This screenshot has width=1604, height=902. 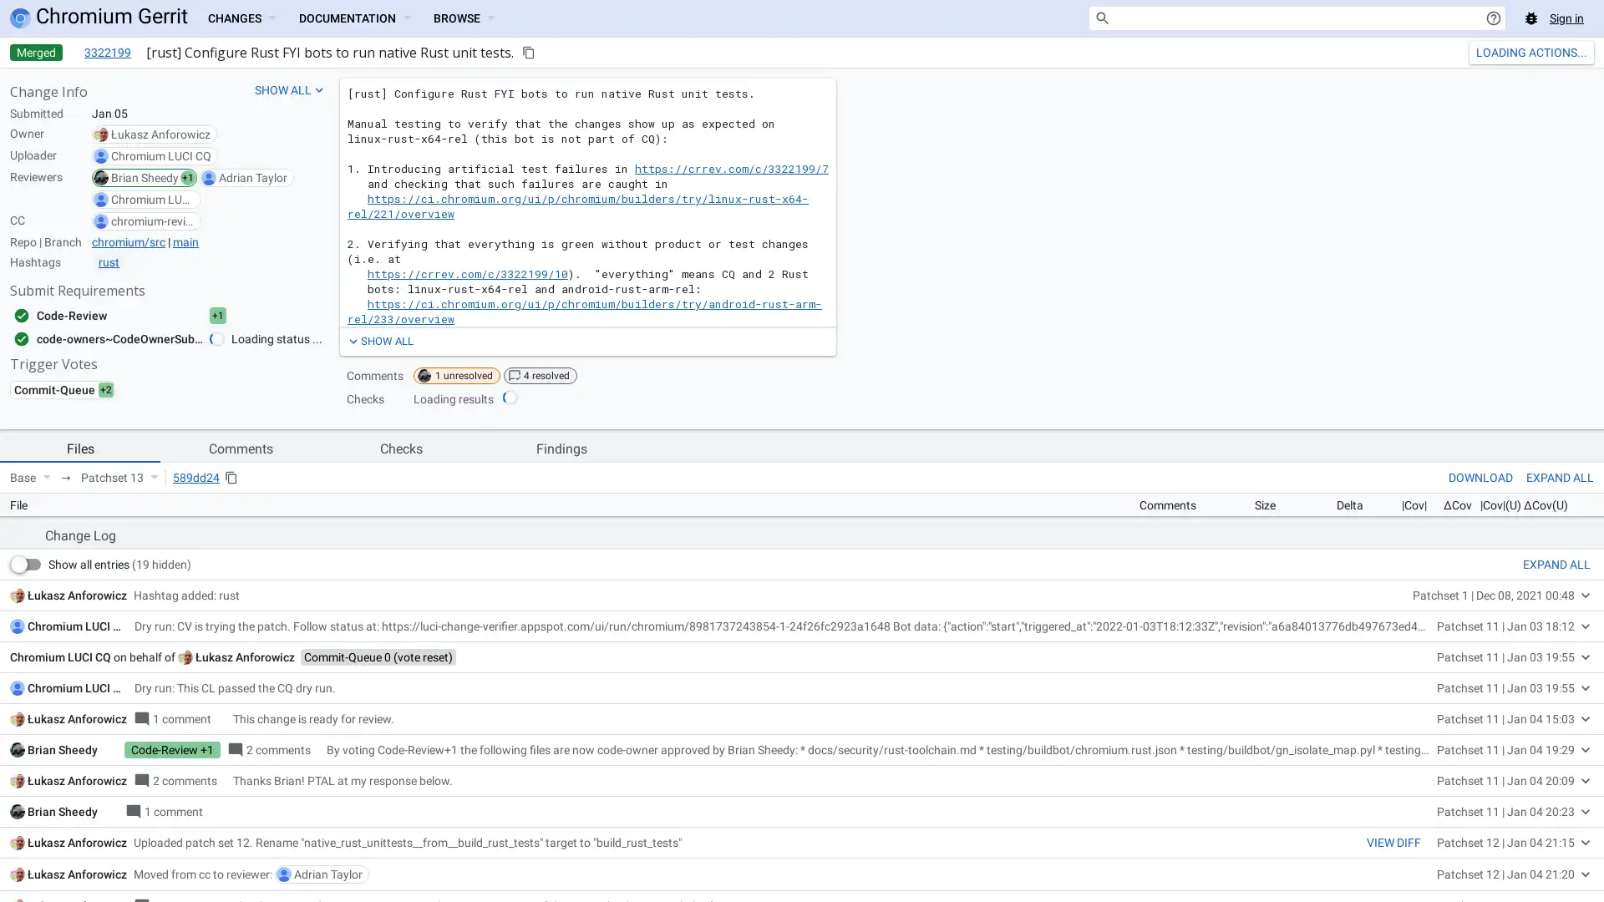 What do you see at coordinates (1581, 51) in the screenshot?
I see `More` at bounding box center [1581, 51].